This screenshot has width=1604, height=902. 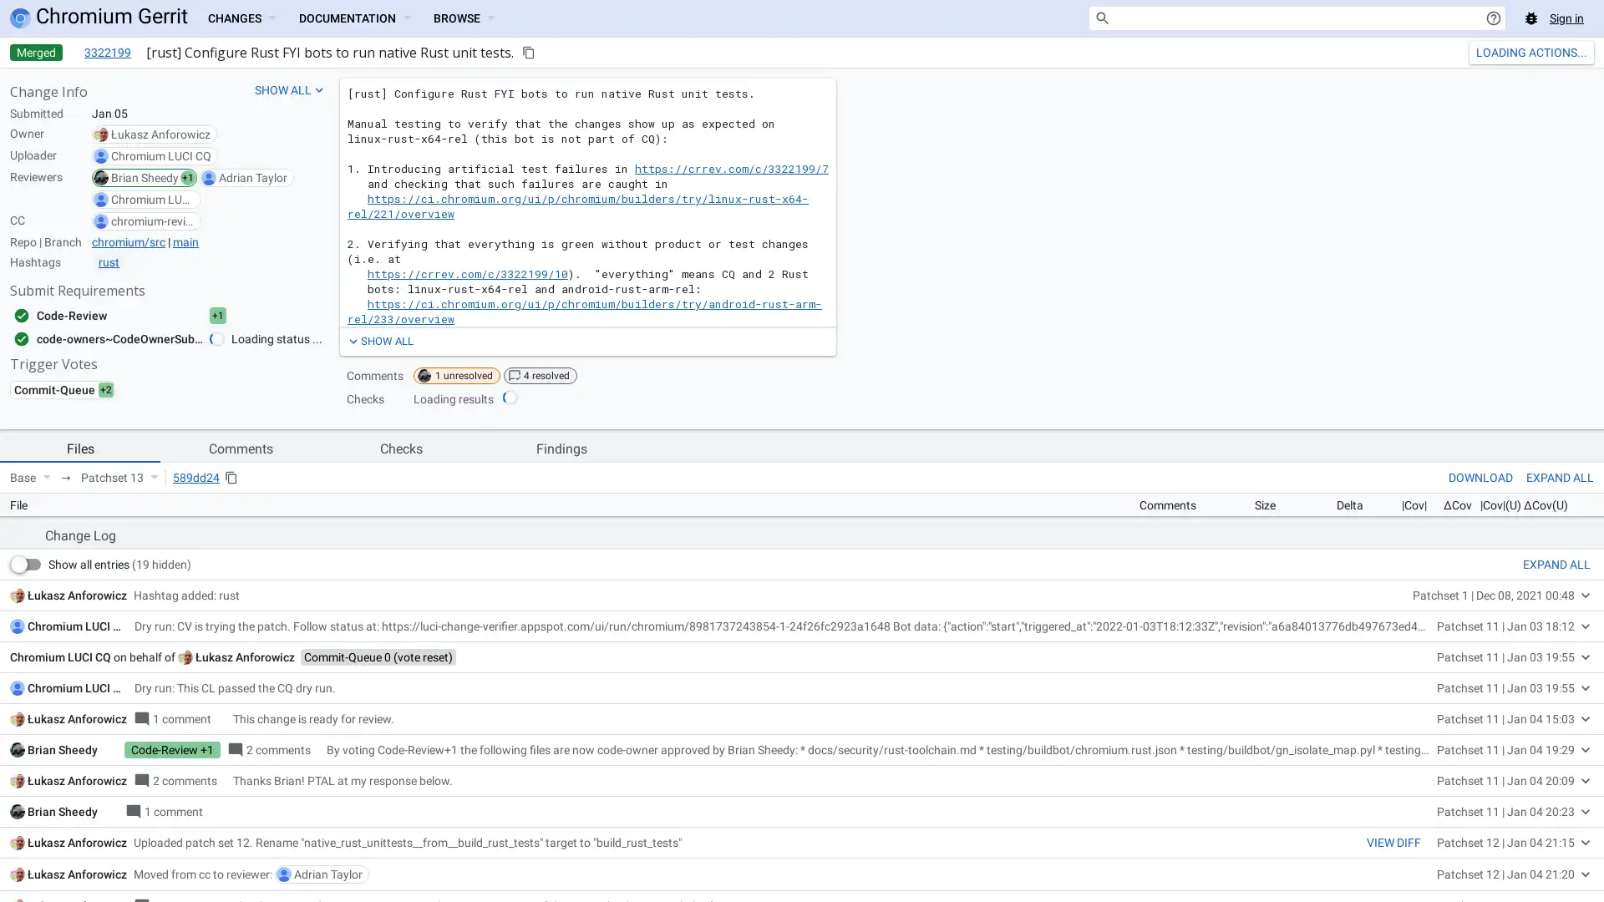 What do you see at coordinates (1581, 51) in the screenshot?
I see `More` at bounding box center [1581, 51].